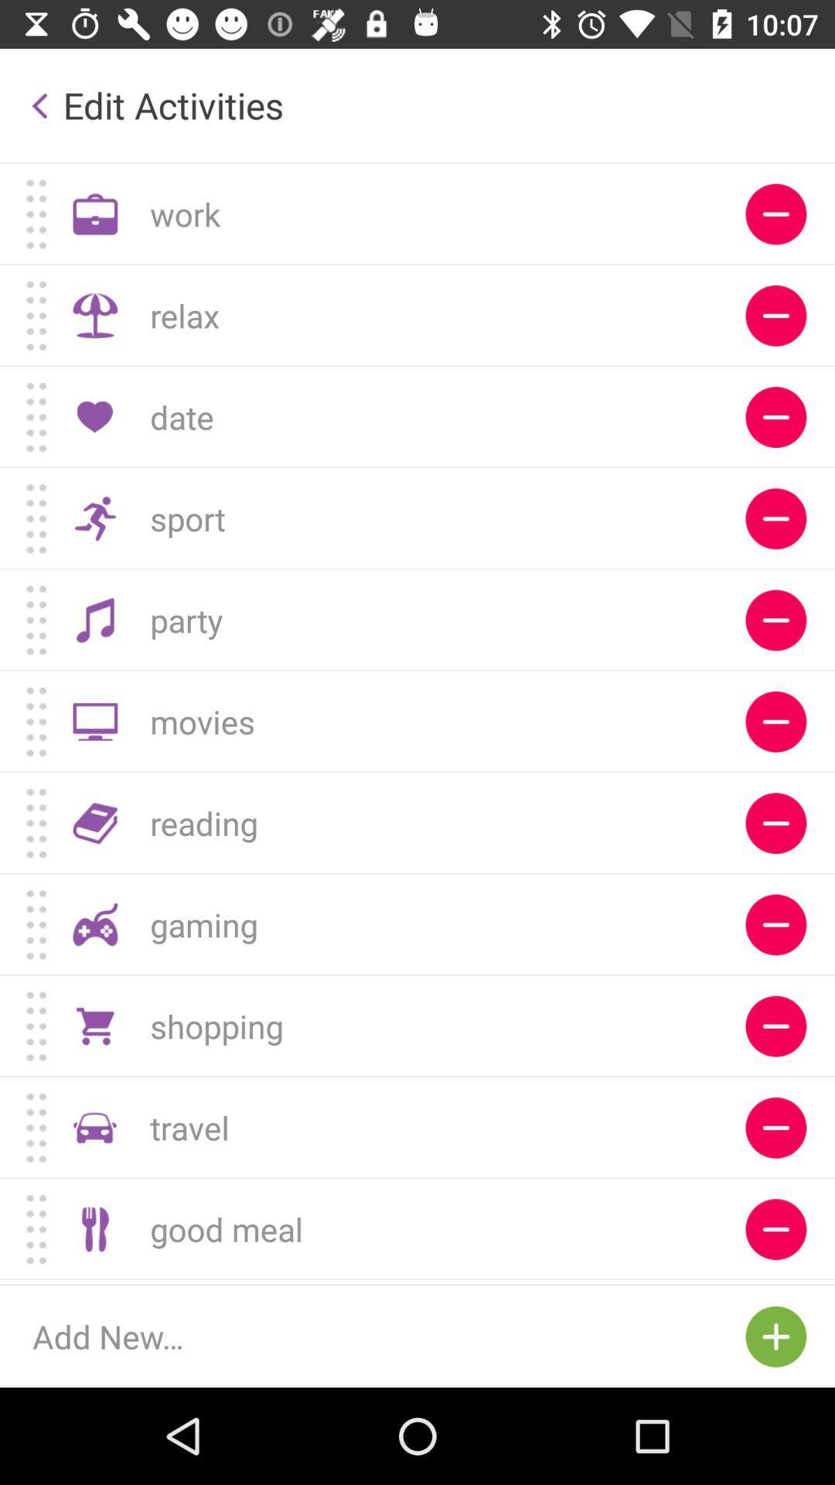 The height and width of the screenshot is (1485, 835). What do you see at coordinates (775, 315) in the screenshot?
I see `remove item` at bounding box center [775, 315].